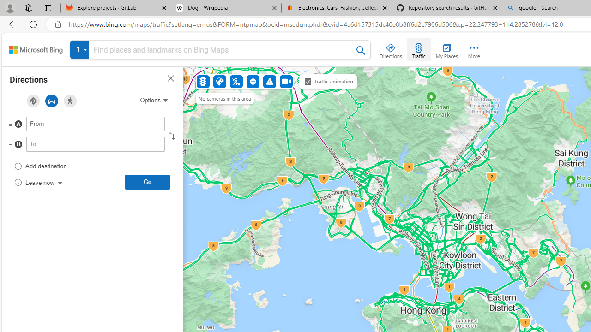  I want to click on 'Close tab', so click(495, 8).